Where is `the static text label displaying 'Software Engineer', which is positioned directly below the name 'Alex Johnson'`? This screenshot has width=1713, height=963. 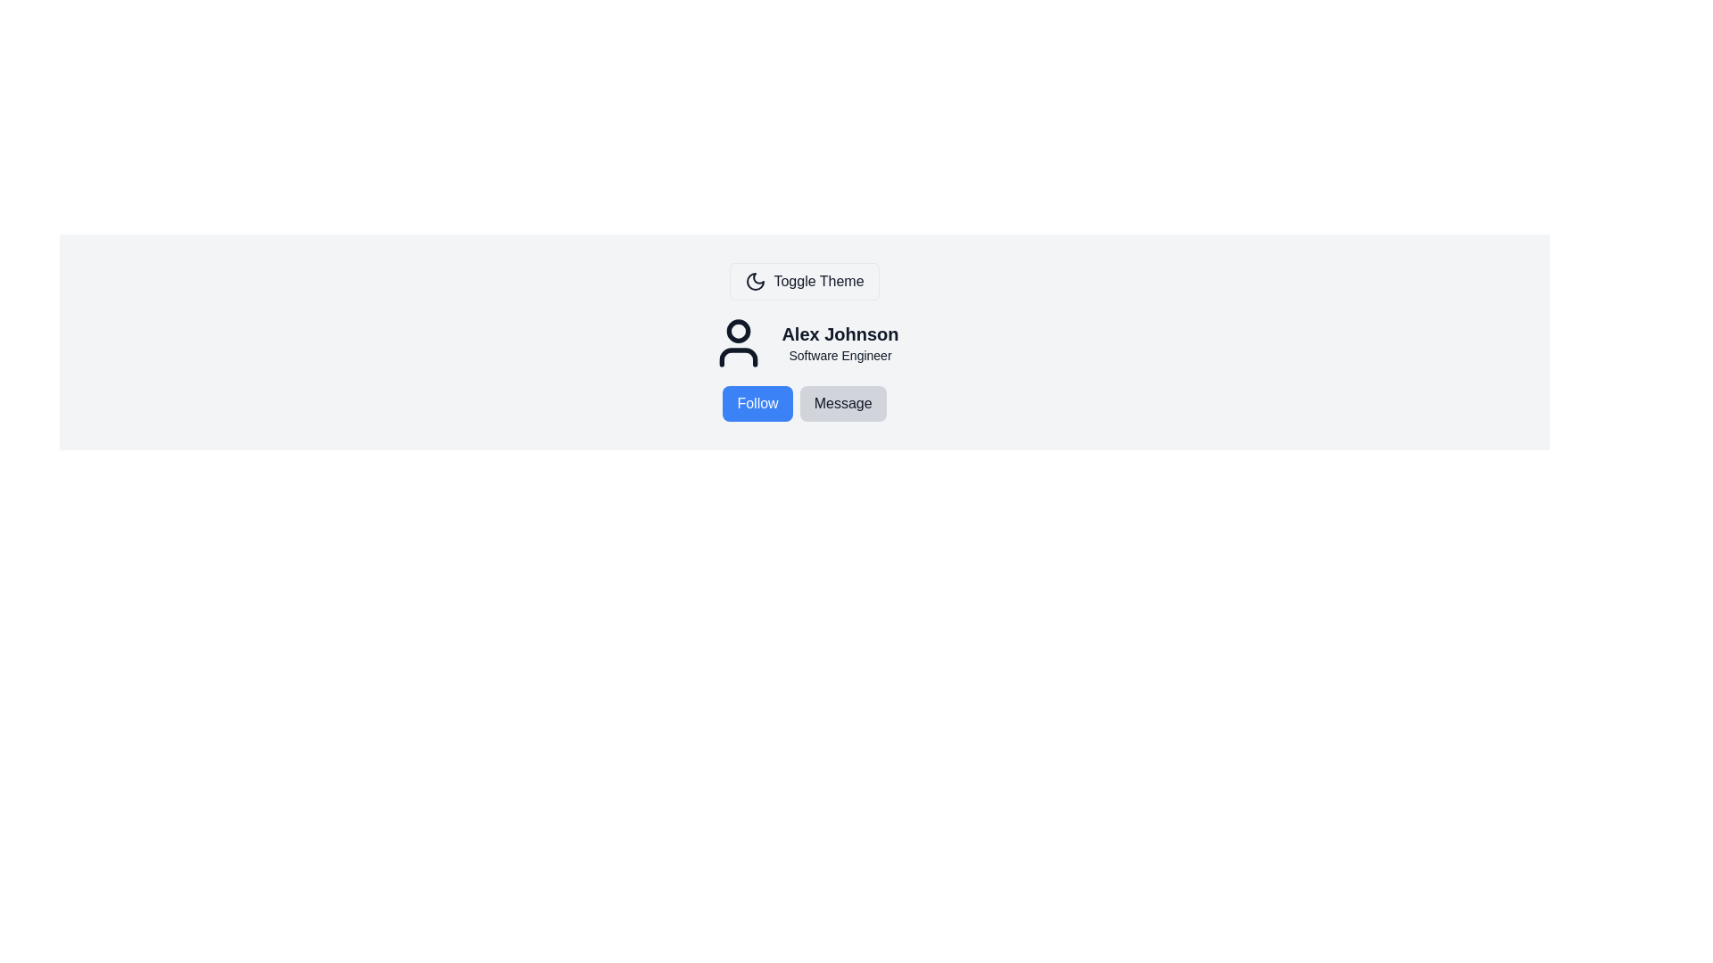 the static text label displaying 'Software Engineer', which is positioned directly below the name 'Alex Johnson' is located at coordinates (839, 355).